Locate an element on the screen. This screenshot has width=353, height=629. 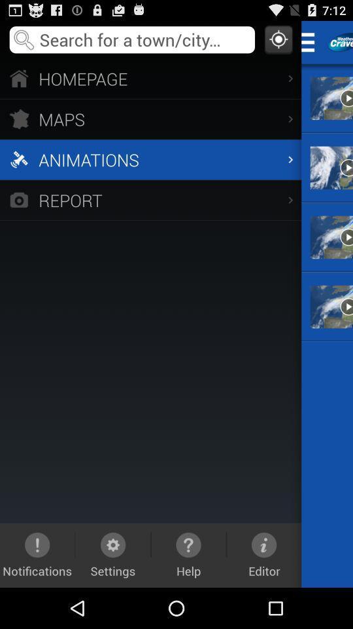
the app above the homepage app is located at coordinates (278, 39).